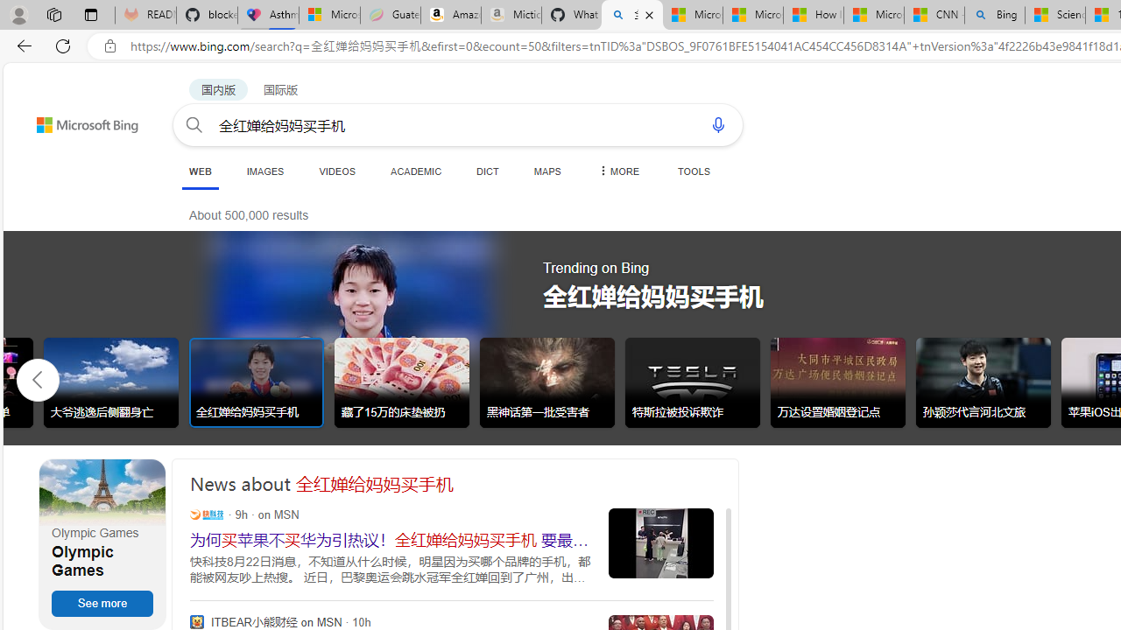  Describe the element at coordinates (415, 171) in the screenshot. I see `'ACADEMIC'` at that location.